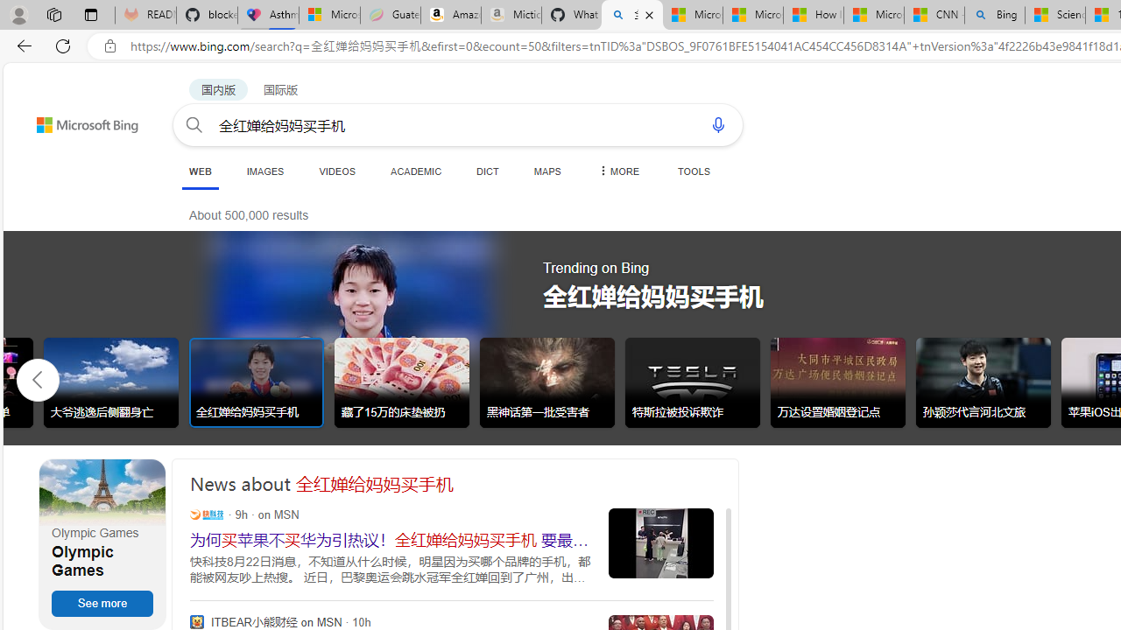  Describe the element at coordinates (415, 171) in the screenshot. I see `'ACADEMIC'` at that location.